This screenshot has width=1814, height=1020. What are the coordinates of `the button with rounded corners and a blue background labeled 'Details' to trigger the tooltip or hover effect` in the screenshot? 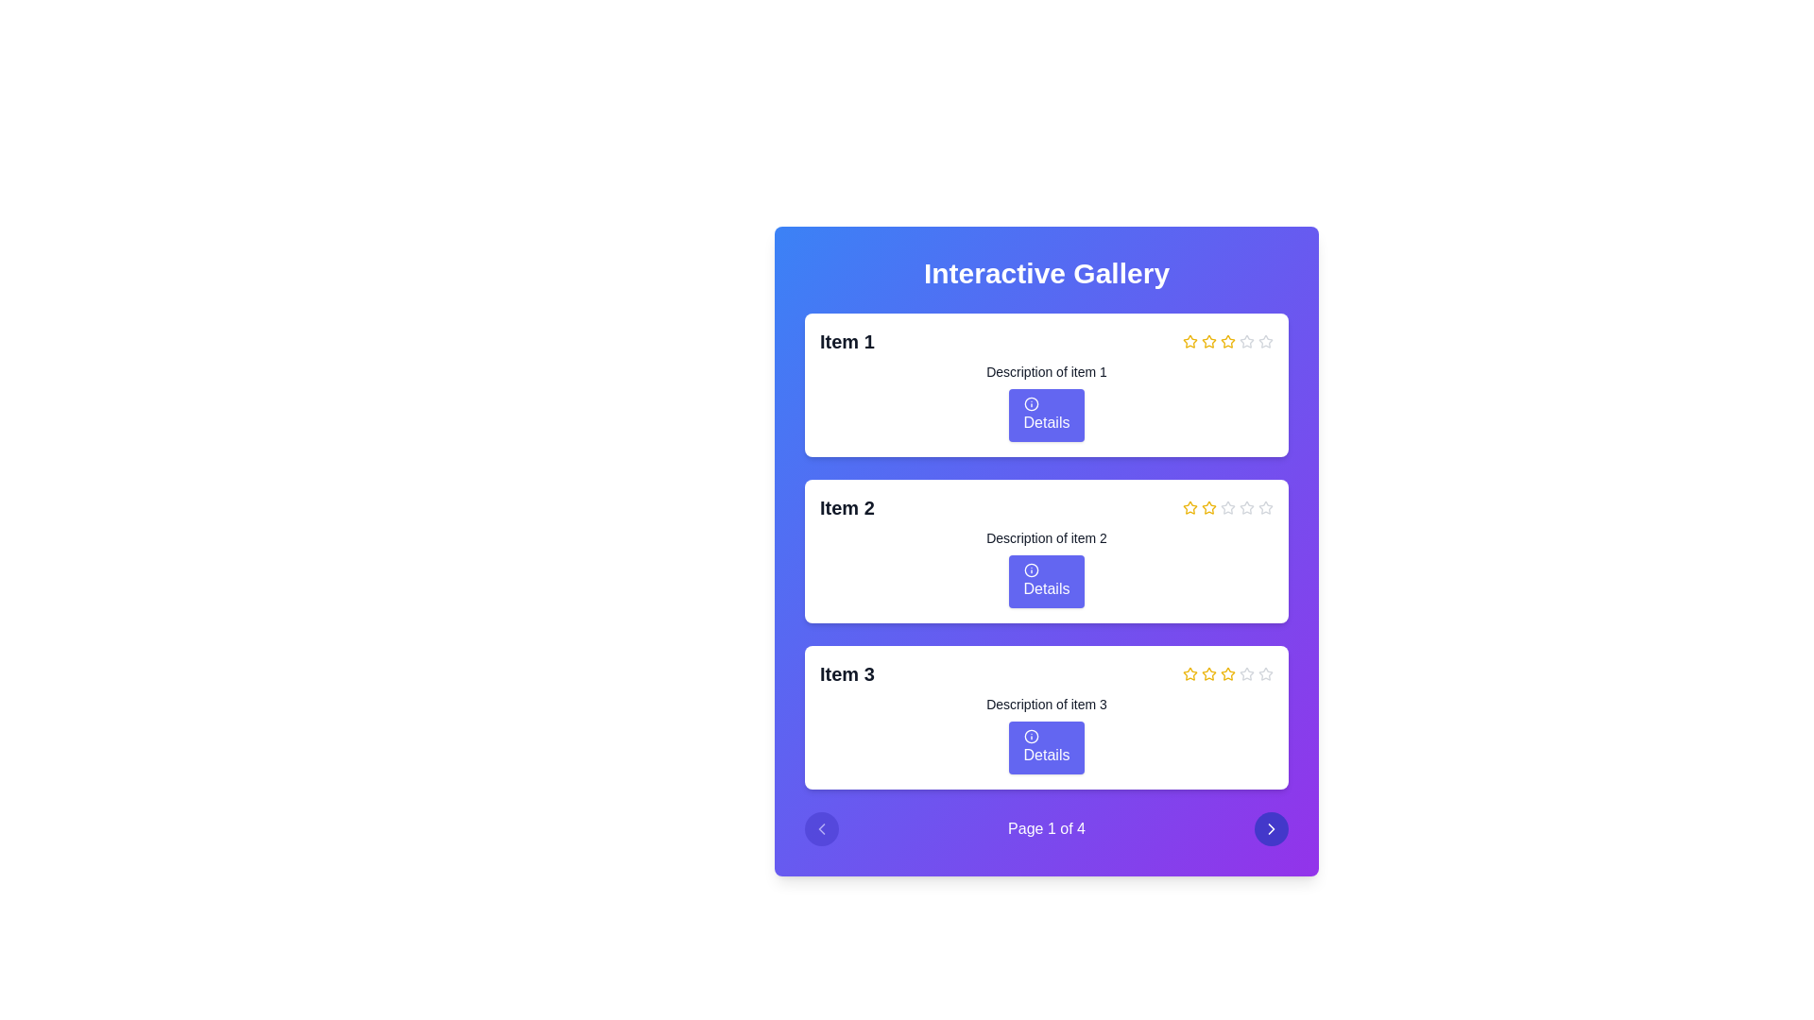 It's located at (1046, 581).